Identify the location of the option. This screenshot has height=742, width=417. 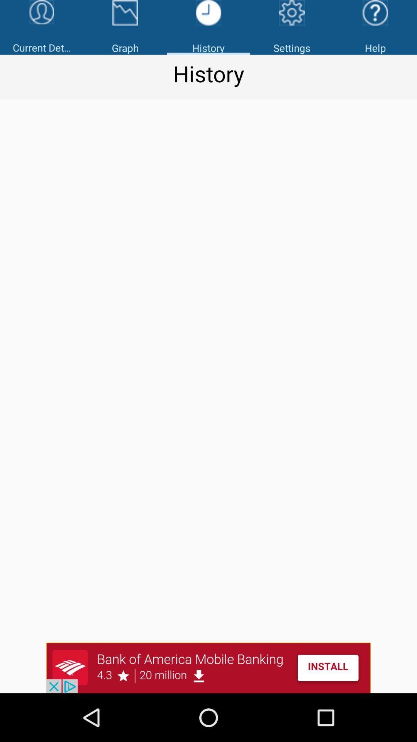
(208, 667).